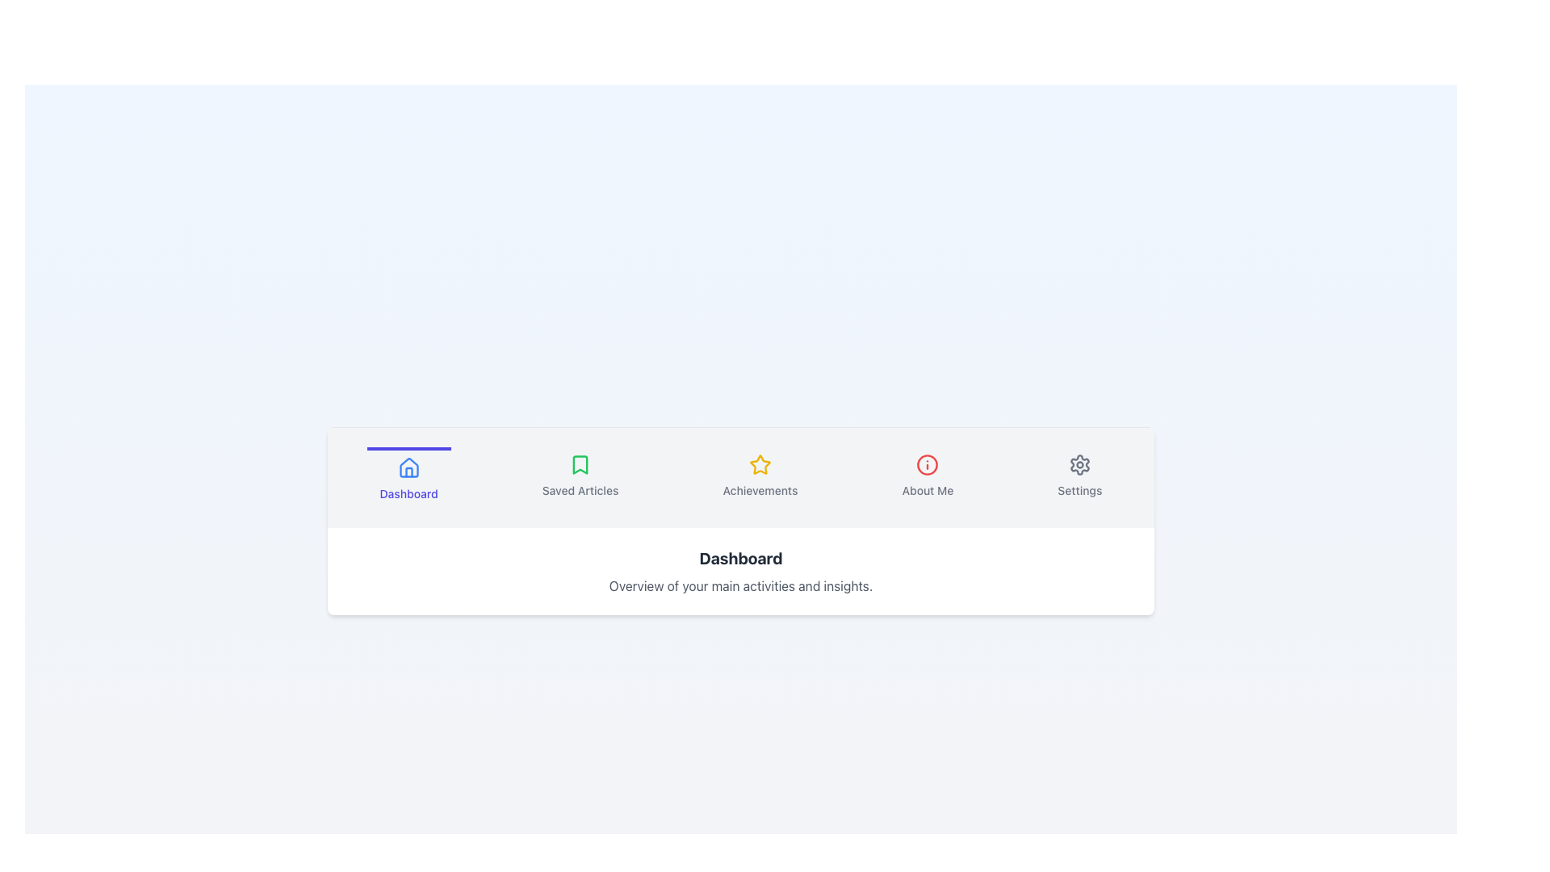 The width and height of the screenshot is (1550, 872). Describe the element at coordinates (928, 476) in the screenshot. I see `the navigation button labeled 'About Me', which is the fourth item in a horizontal menu` at that location.